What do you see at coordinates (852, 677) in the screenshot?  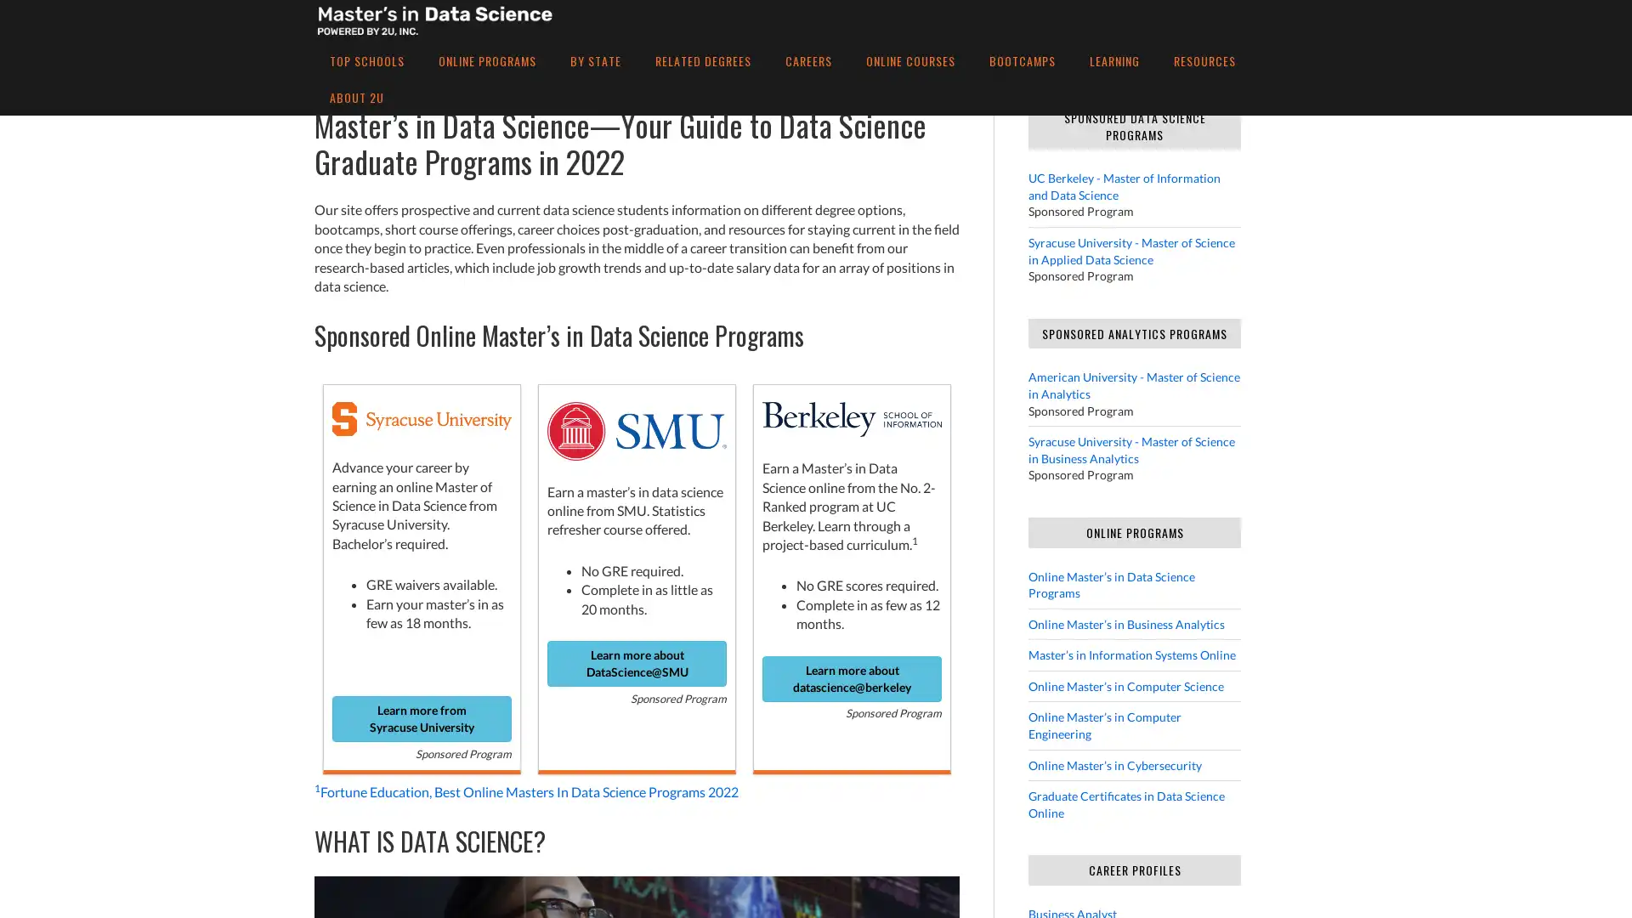 I see `Learn more about datascience@berkeley` at bounding box center [852, 677].